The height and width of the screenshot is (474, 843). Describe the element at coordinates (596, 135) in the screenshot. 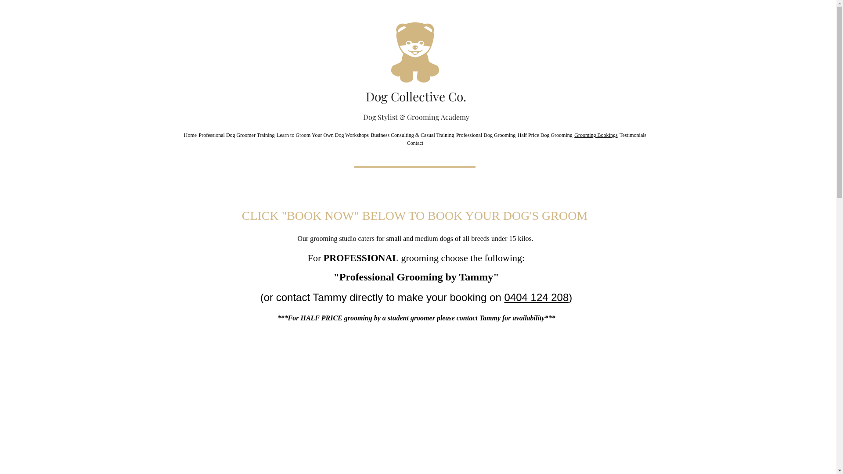

I see `'Grooming Bookings'` at that location.